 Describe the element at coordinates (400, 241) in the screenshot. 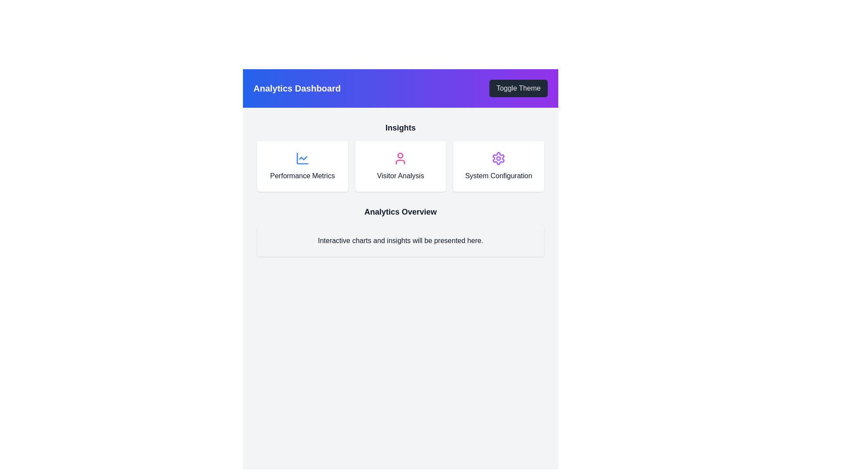

I see `the informational panel located directly below the 'Analytics Overview' heading, which serves as a placeholder for displaying interactive charts and insights` at that location.